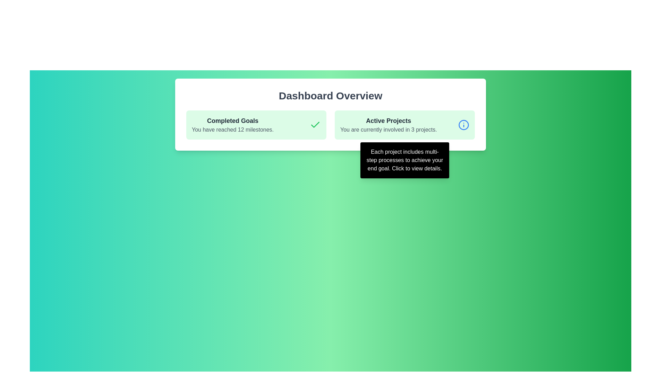 The height and width of the screenshot is (374, 666). What do you see at coordinates (464, 125) in the screenshot?
I see `the circular blue information icon with the letter 'i'` at bounding box center [464, 125].